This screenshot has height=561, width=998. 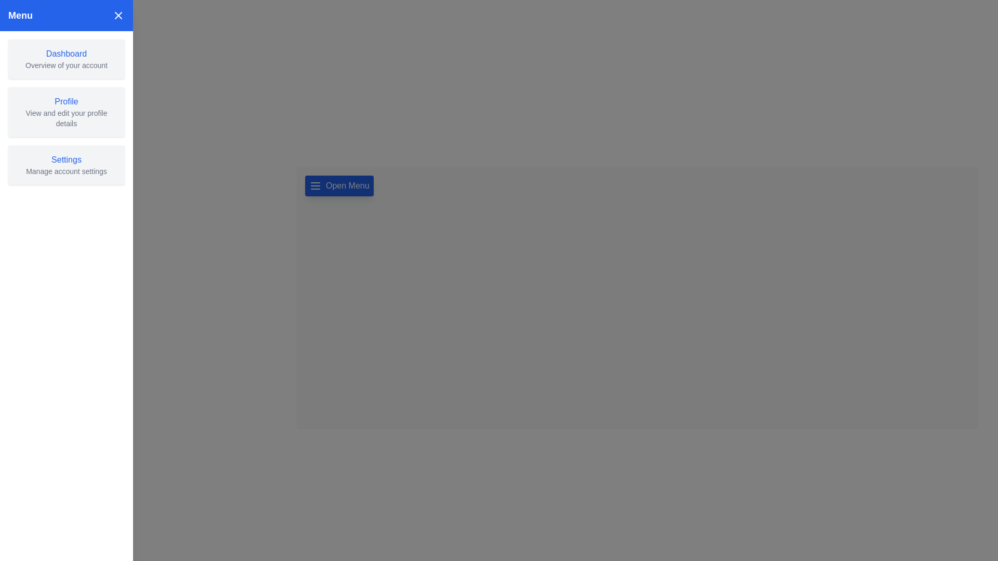 I want to click on title text of the third card in the vertical list of interactive cards in the sidebar, which is located below the 'Dashboard' and 'Profile' cards, so click(x=66, y=160).